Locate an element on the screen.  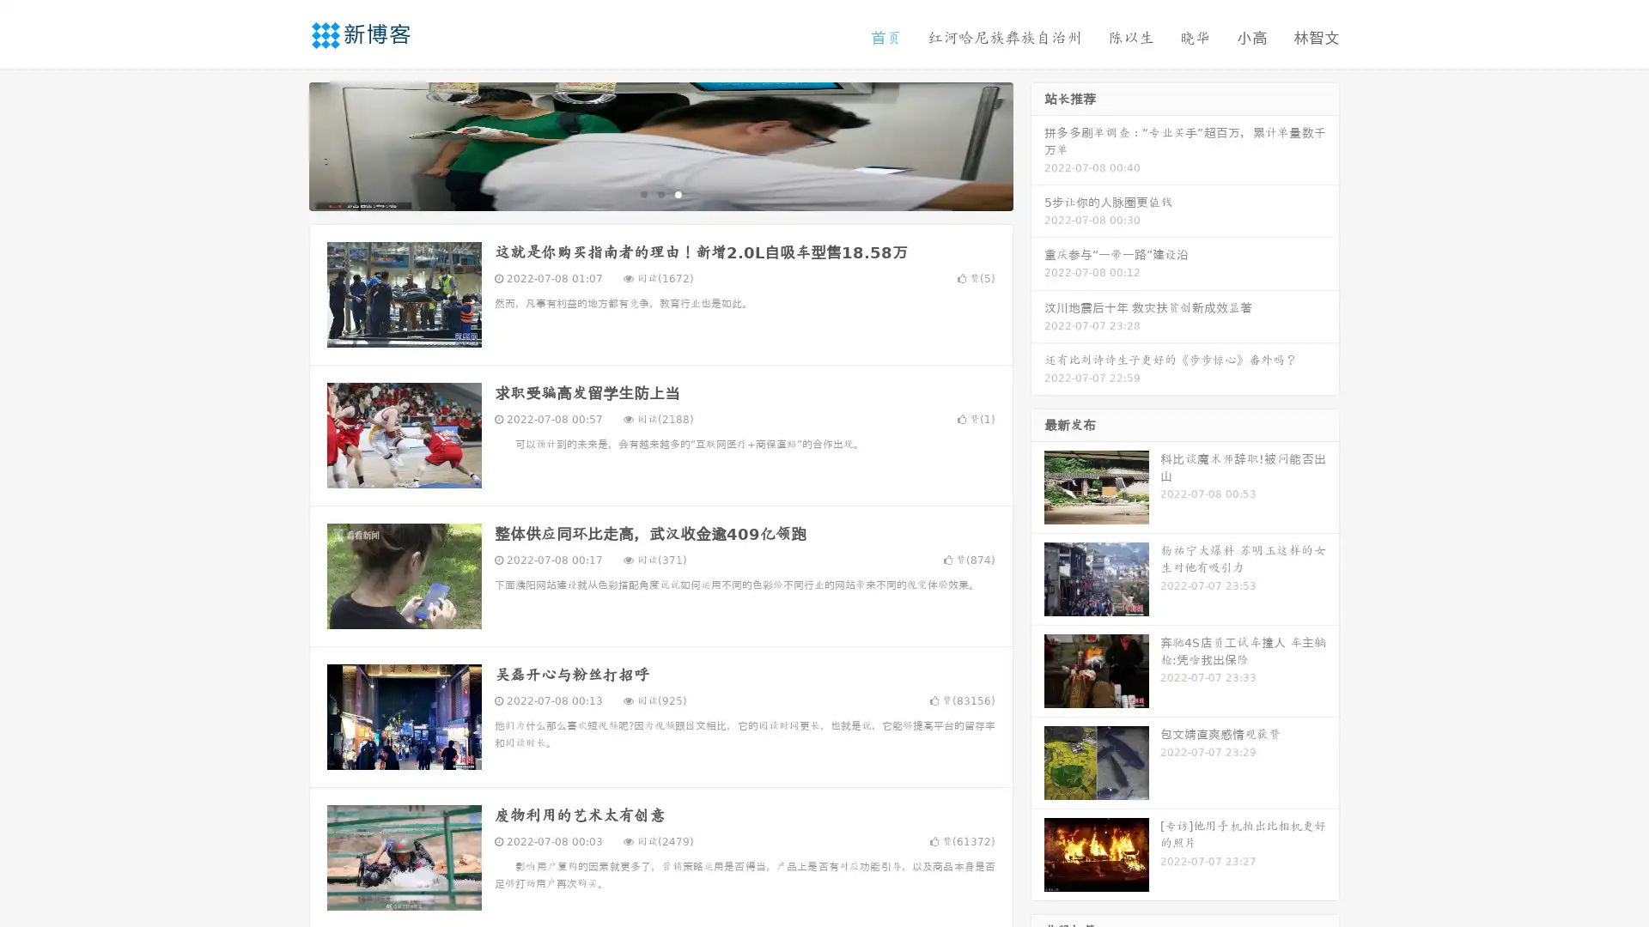
Previous slide is located at coordinates (283, 144).